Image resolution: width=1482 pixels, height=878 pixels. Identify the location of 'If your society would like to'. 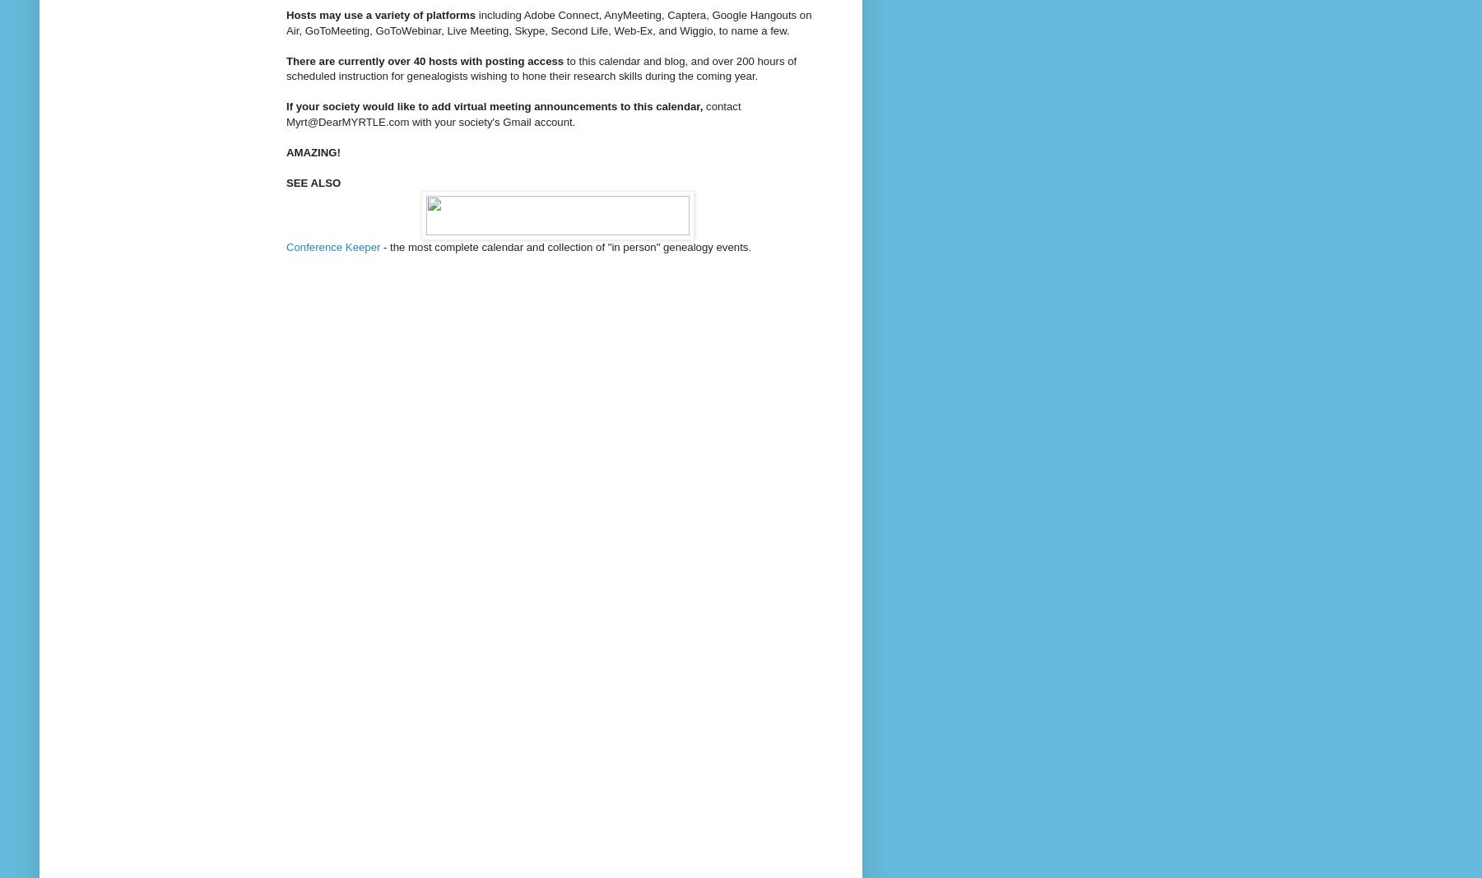
(358, 105).